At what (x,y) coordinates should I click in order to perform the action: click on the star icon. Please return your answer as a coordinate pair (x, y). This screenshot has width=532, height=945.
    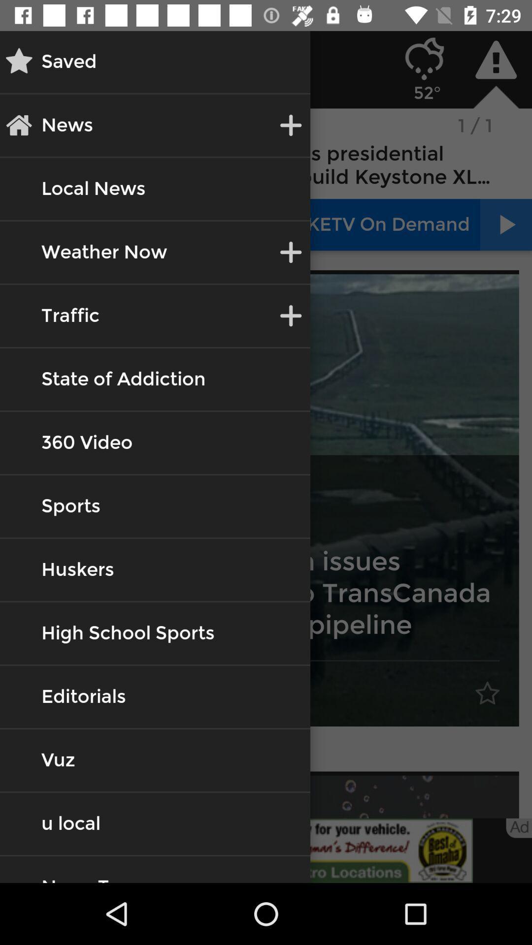
    Looking at the image, I should click on (35, 66).